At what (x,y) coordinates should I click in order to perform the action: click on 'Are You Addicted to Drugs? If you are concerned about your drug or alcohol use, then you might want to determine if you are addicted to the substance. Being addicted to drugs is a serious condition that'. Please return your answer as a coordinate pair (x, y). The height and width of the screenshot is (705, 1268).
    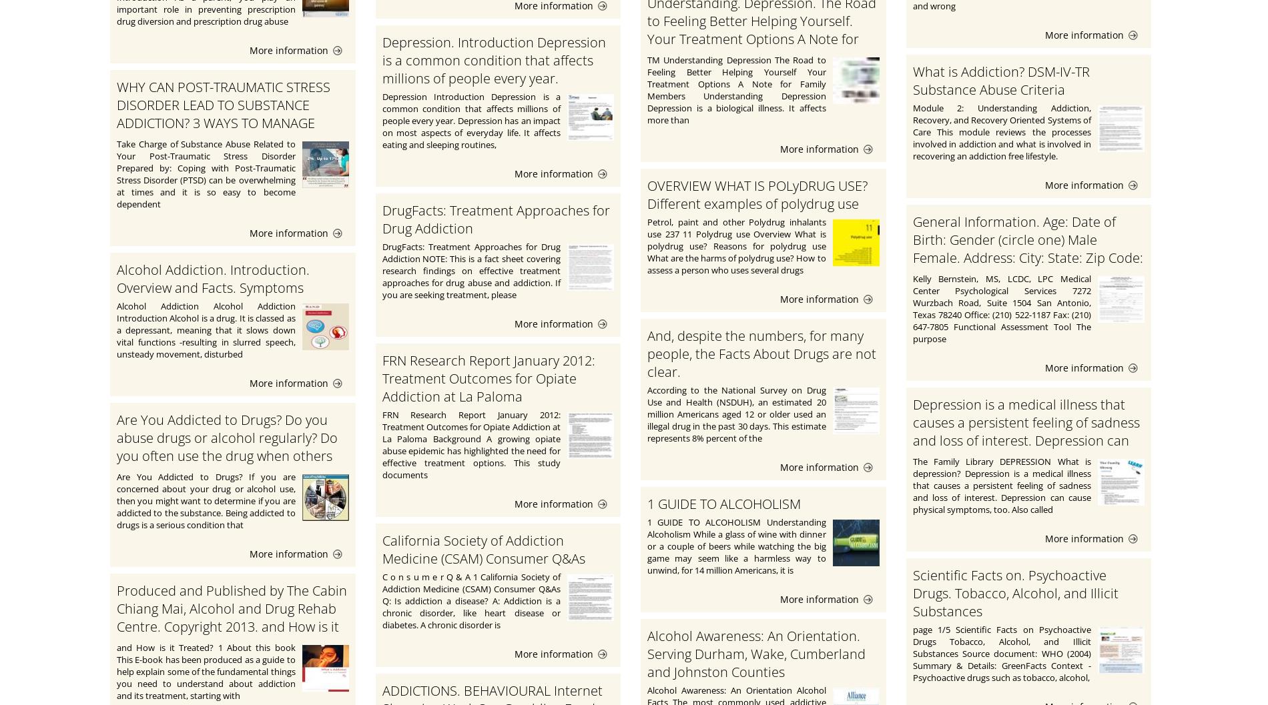
    Looking at the image, I should click on (205, 500).